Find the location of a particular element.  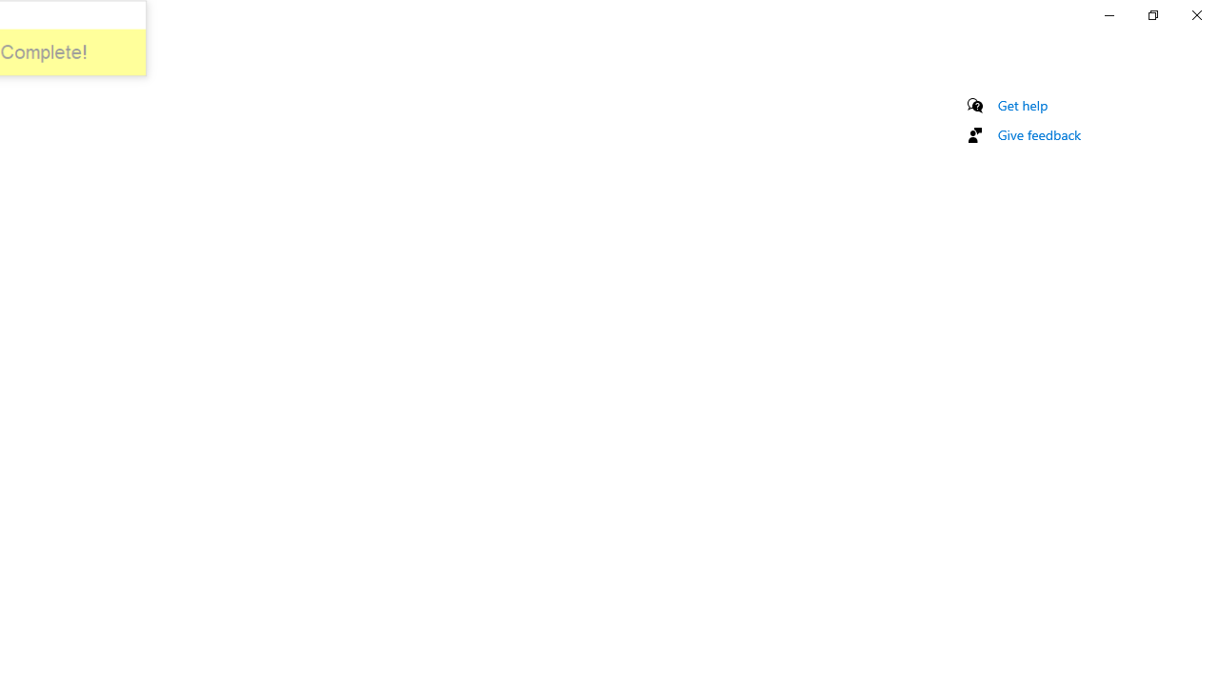

'Minimize Settings' is located at coordinates (1109, 14).